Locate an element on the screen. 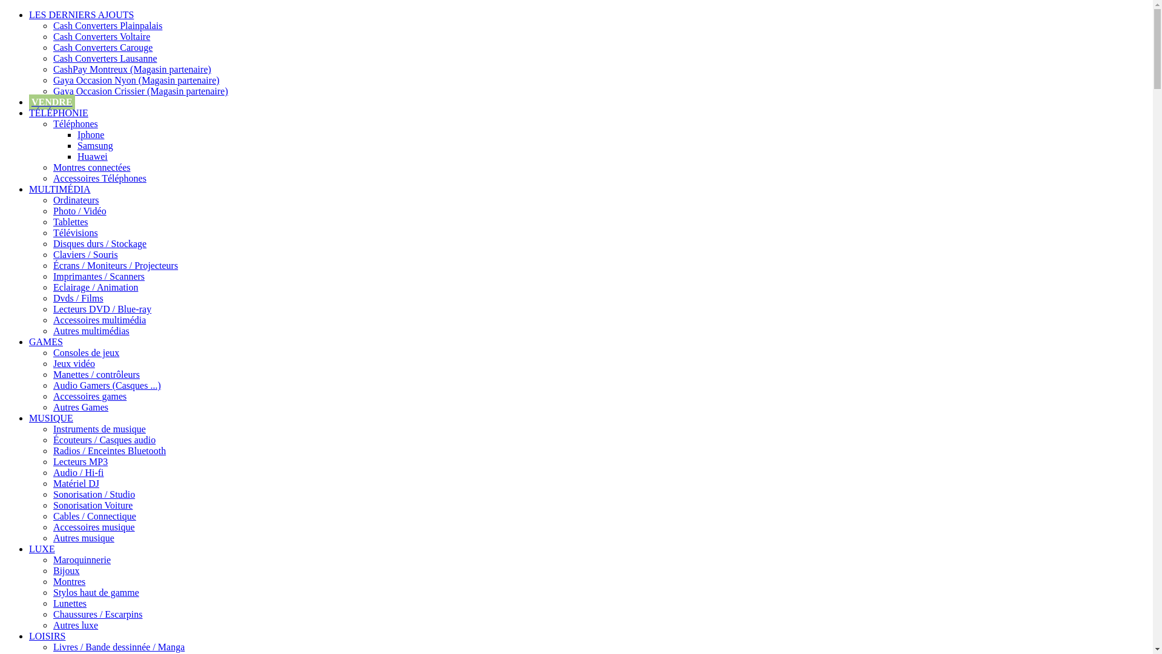 The image size is (1162, 654). 'Consoles de jeux' is located at coordinates (85, 352).